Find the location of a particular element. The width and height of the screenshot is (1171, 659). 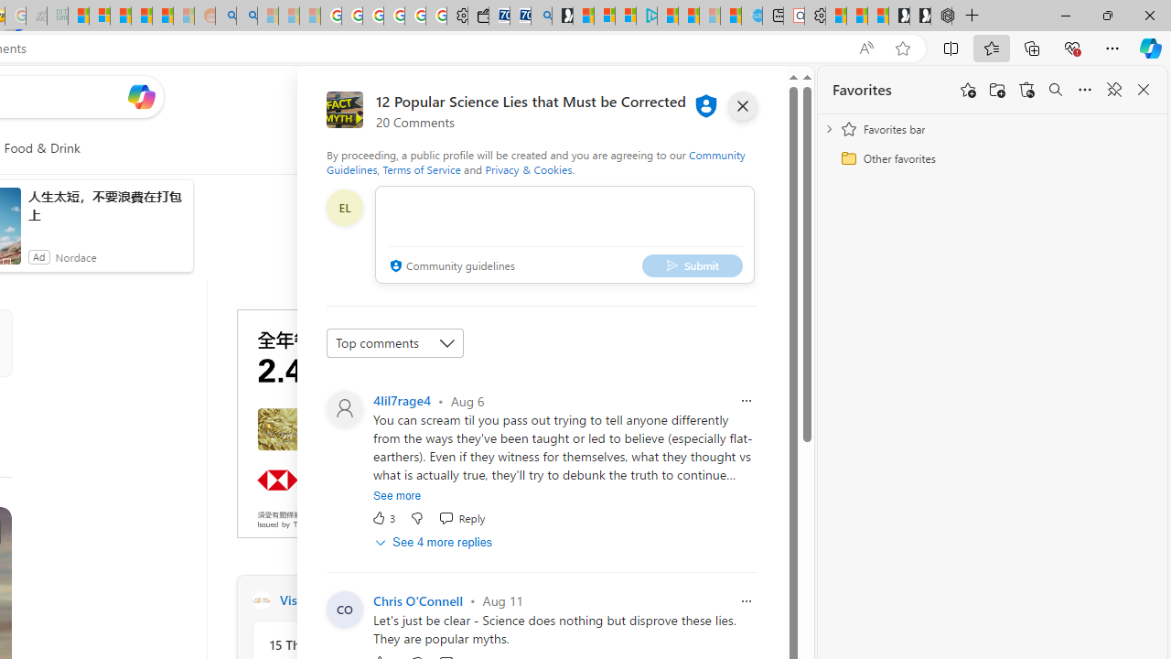

'Close favorites' is located at coordinates (1143, 90).